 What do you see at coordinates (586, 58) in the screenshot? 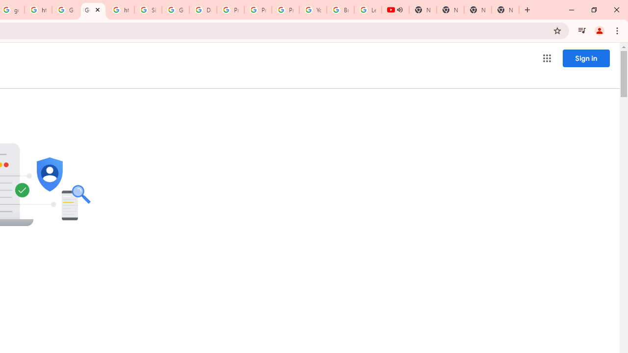
I see `'Sign in'` at bounding box center [586, 58].